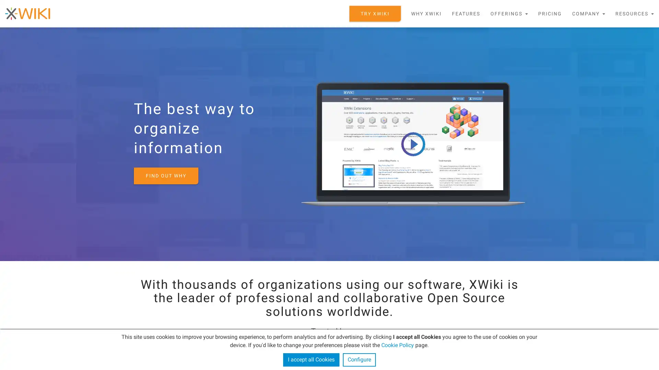  Describe the element at coordinates (413, 144) in the screenshot. I see `XWiki play button` at that location.